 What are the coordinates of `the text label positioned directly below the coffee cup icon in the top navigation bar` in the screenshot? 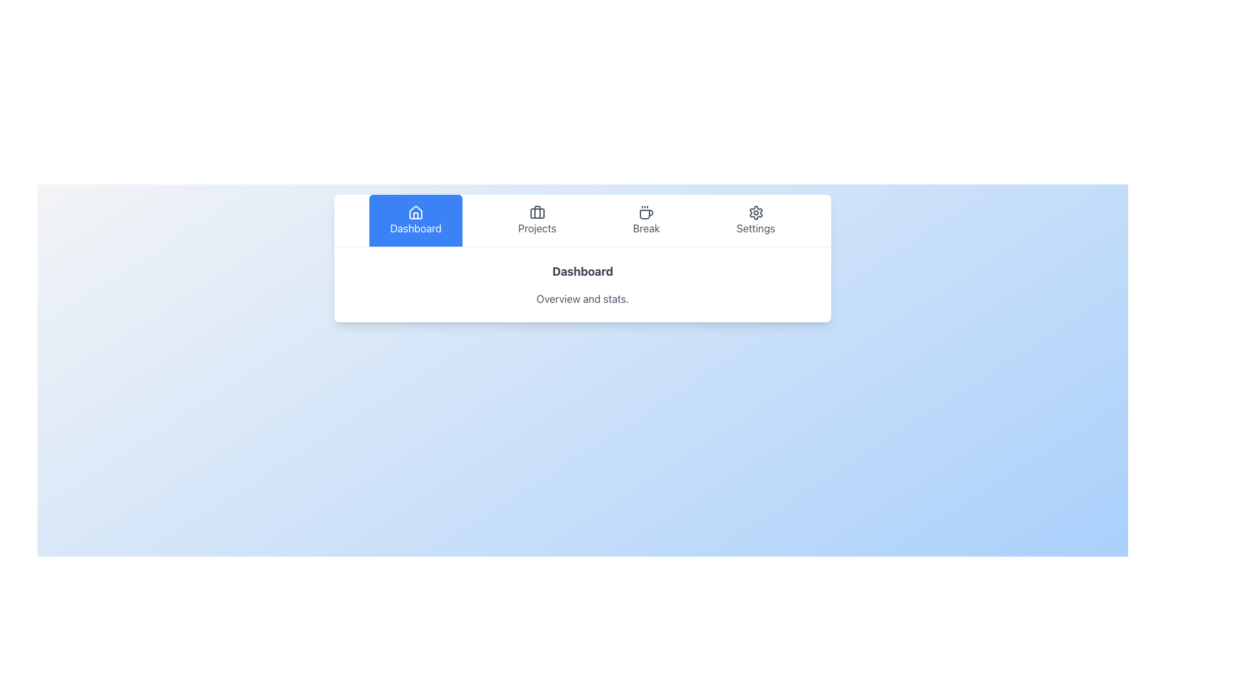 It's located at (646, 228).